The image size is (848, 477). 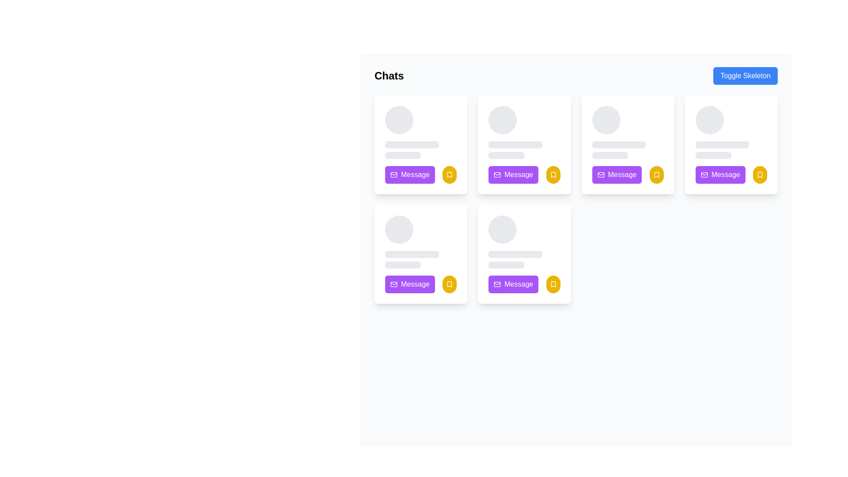 I want to click on the light gray horizontally elongated rectangle with rounded corners, which is the Skeleton placeholder positioned below a circular component and above a narrower rectangle in the top-right card of the grid layout, so click(x=722, y=144).